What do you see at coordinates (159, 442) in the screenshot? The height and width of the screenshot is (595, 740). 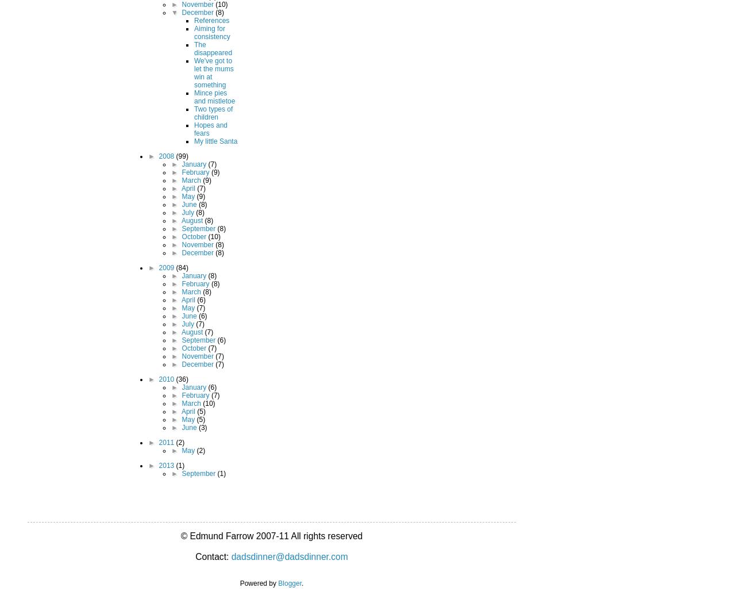 I see `'2011'` at bounding box center [159, 442].